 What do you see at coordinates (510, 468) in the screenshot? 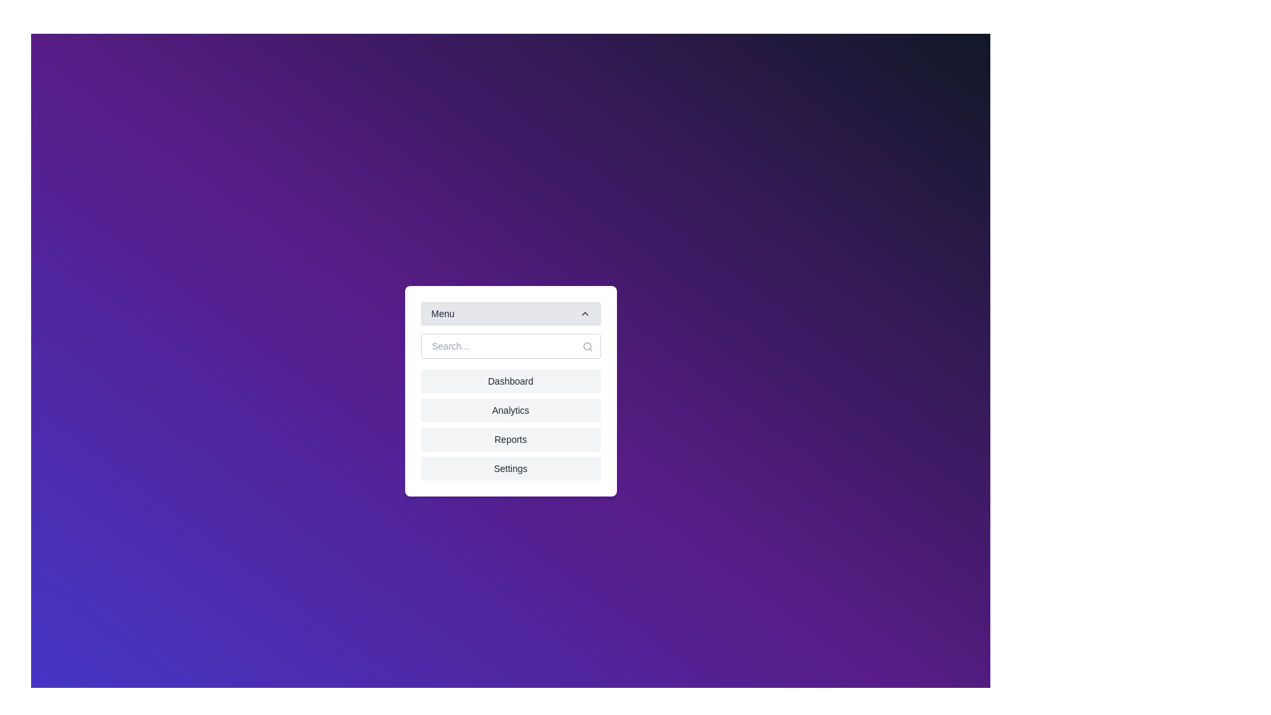
I see `the menu option Settings` at bounding box center [510, 468].